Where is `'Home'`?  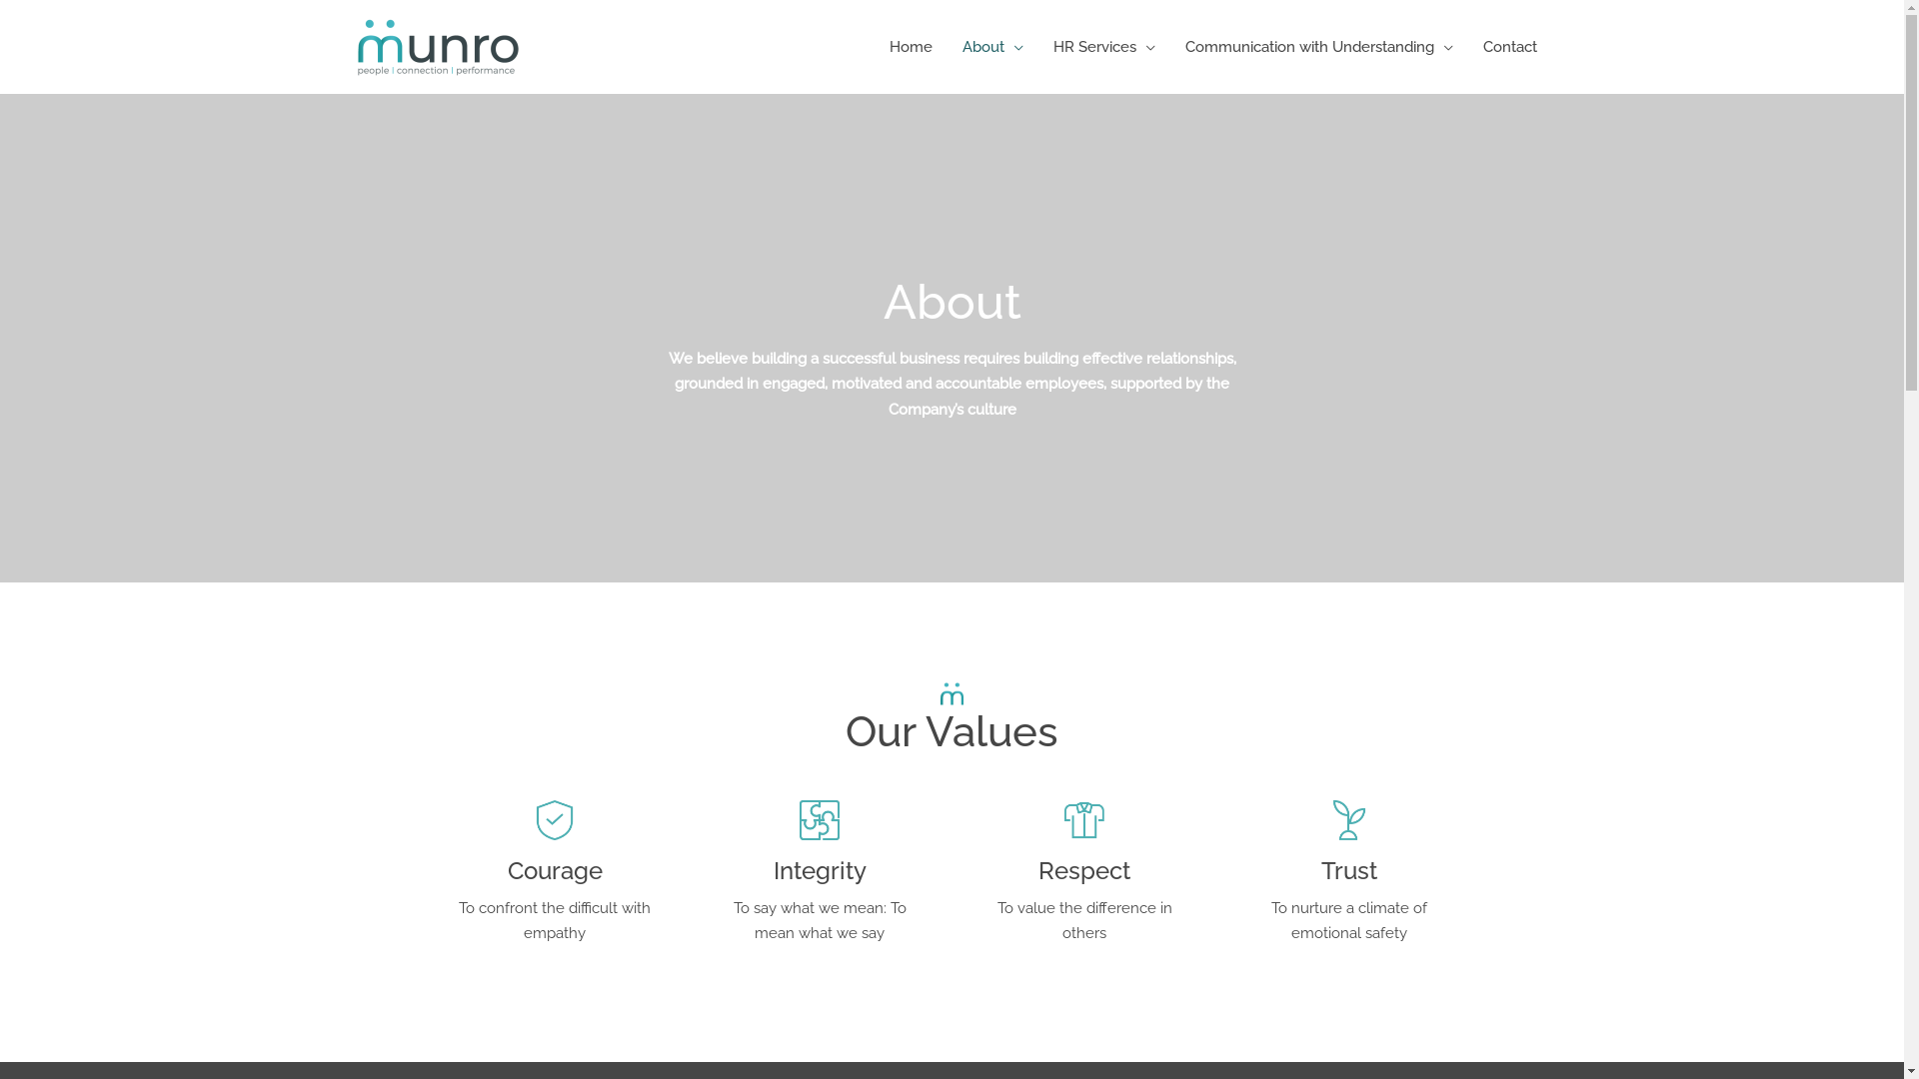
'Home' is located at coordinates (909, 45).